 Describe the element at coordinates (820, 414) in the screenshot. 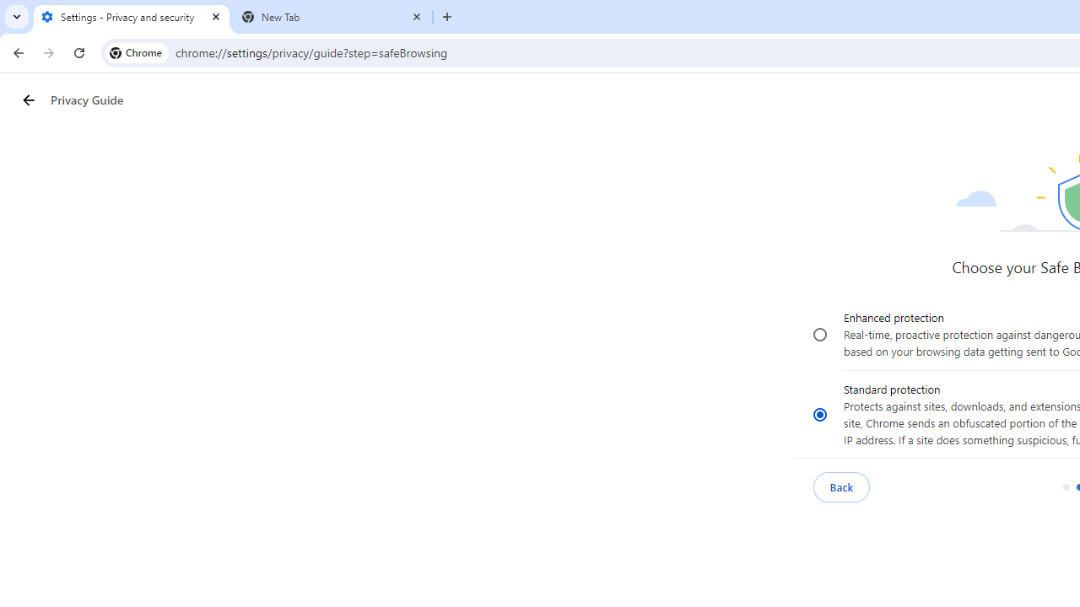

I see `'Standard protection'` at that location.